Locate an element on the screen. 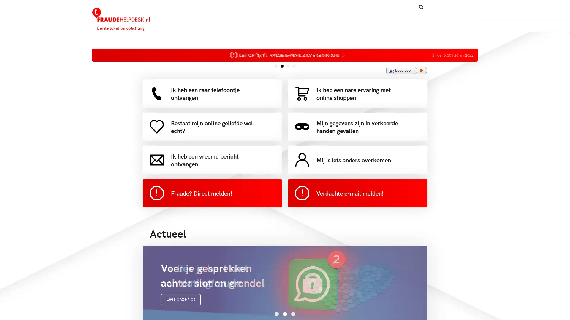  Lees voor is located at coordinates (406, 70).